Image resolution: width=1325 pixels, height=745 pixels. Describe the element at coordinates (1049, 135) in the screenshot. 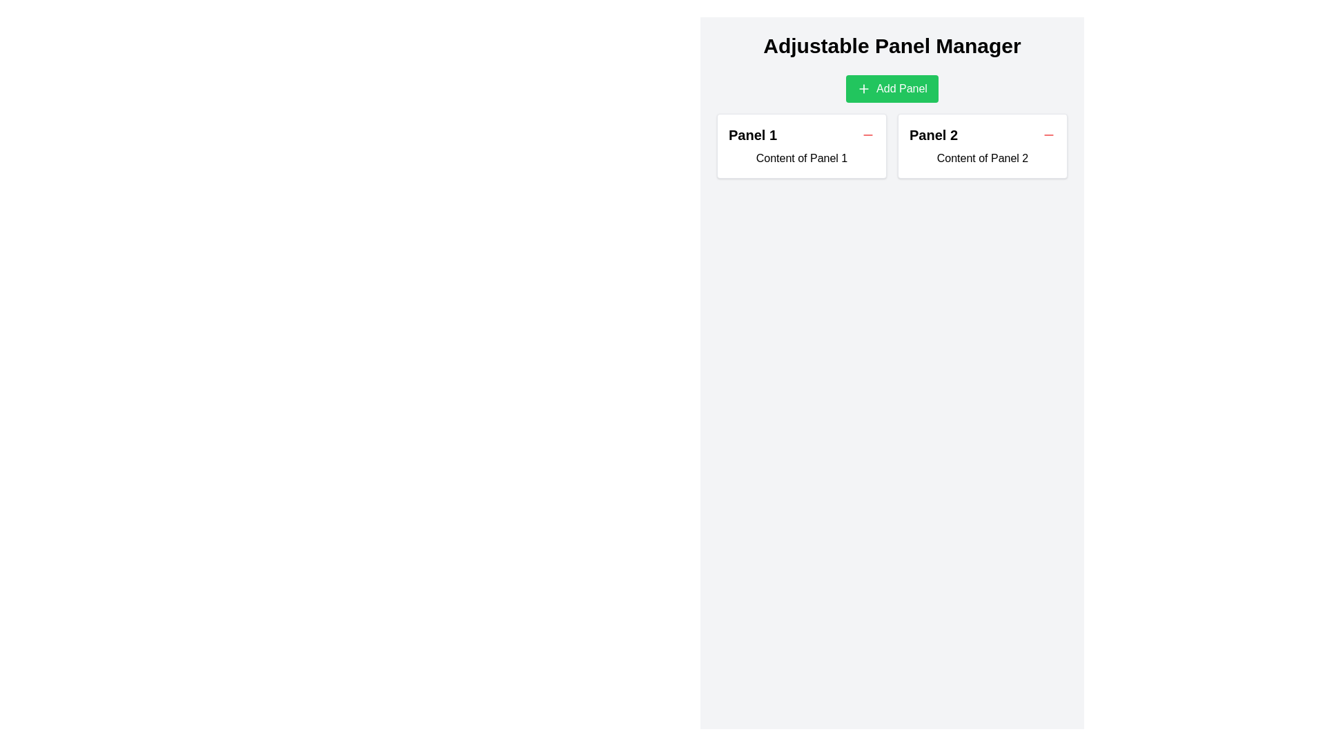

I see `the remove button for 'Panel 2', which is located directly to the right of the text 'Panel 2' in the header bar` at that location.